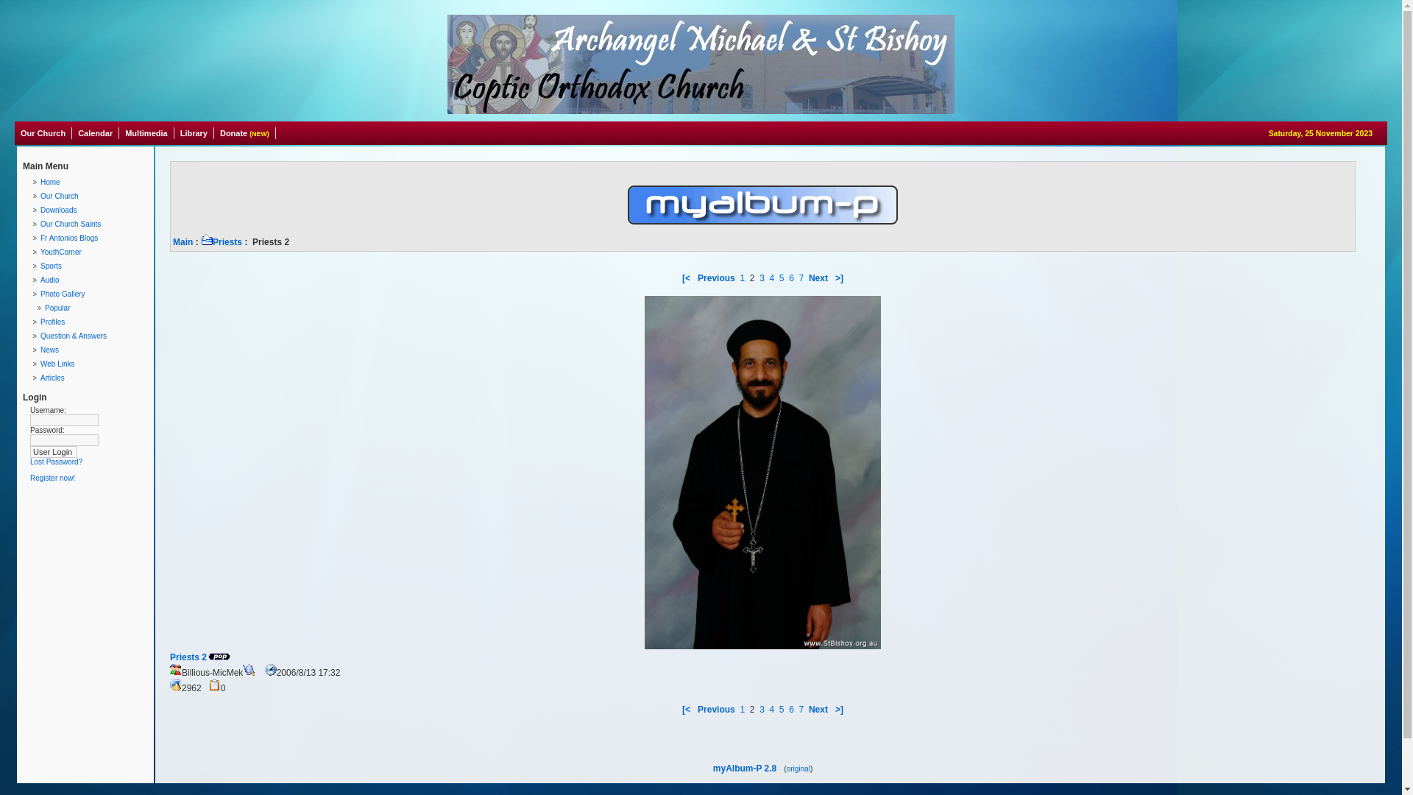 The width and height of the screenshot is (1413, 795). What do you see at coordinates (176, 670) in the screenshot?
I see `'Submitter'` at bounding box center [176, 670].